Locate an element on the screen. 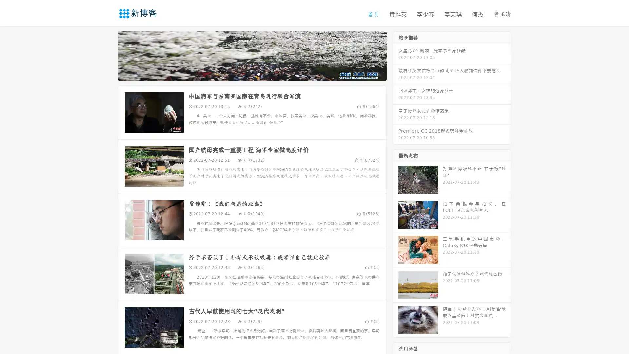  Previous slide is located at coordinates (108, 55).